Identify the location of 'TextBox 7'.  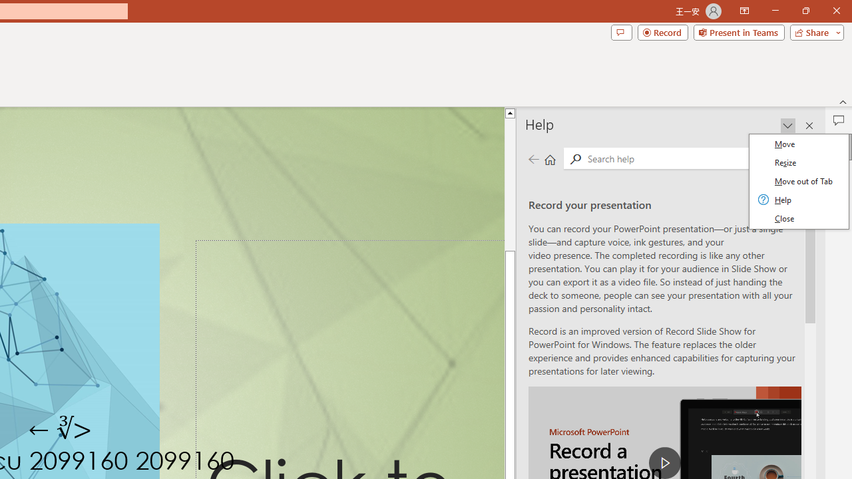
(60, 429).